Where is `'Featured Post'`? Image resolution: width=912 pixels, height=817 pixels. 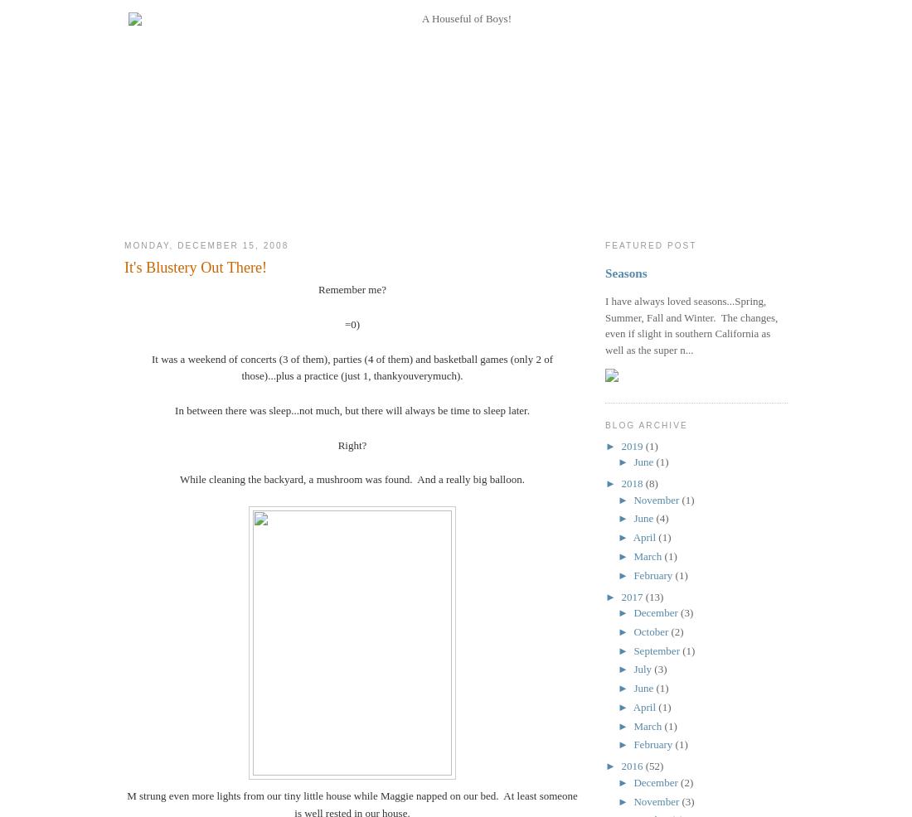 'Featured Post' is located at coordinates (650, 245).